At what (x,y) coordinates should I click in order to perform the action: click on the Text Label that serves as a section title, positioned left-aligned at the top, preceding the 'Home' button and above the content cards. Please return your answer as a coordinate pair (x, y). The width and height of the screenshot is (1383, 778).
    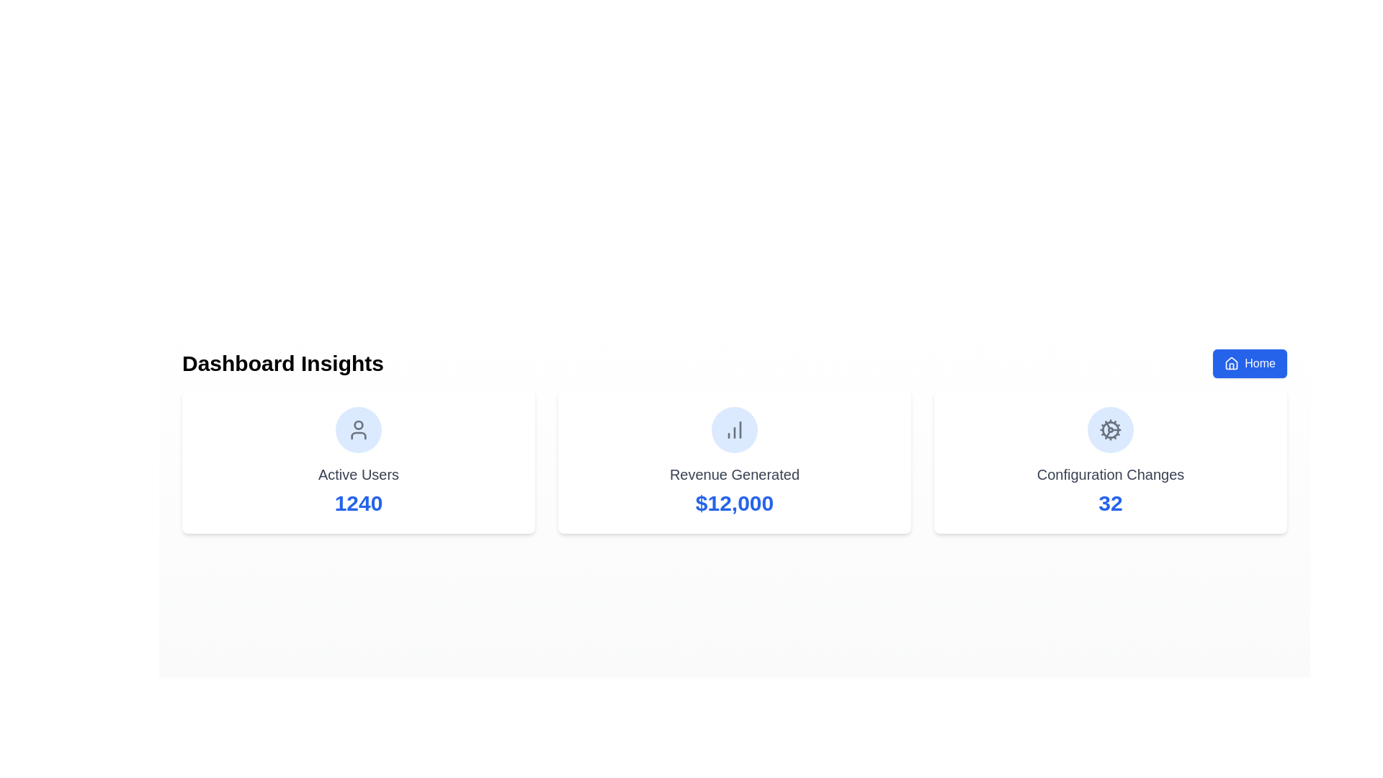
    Looking at the image, I should click on (283, 363).